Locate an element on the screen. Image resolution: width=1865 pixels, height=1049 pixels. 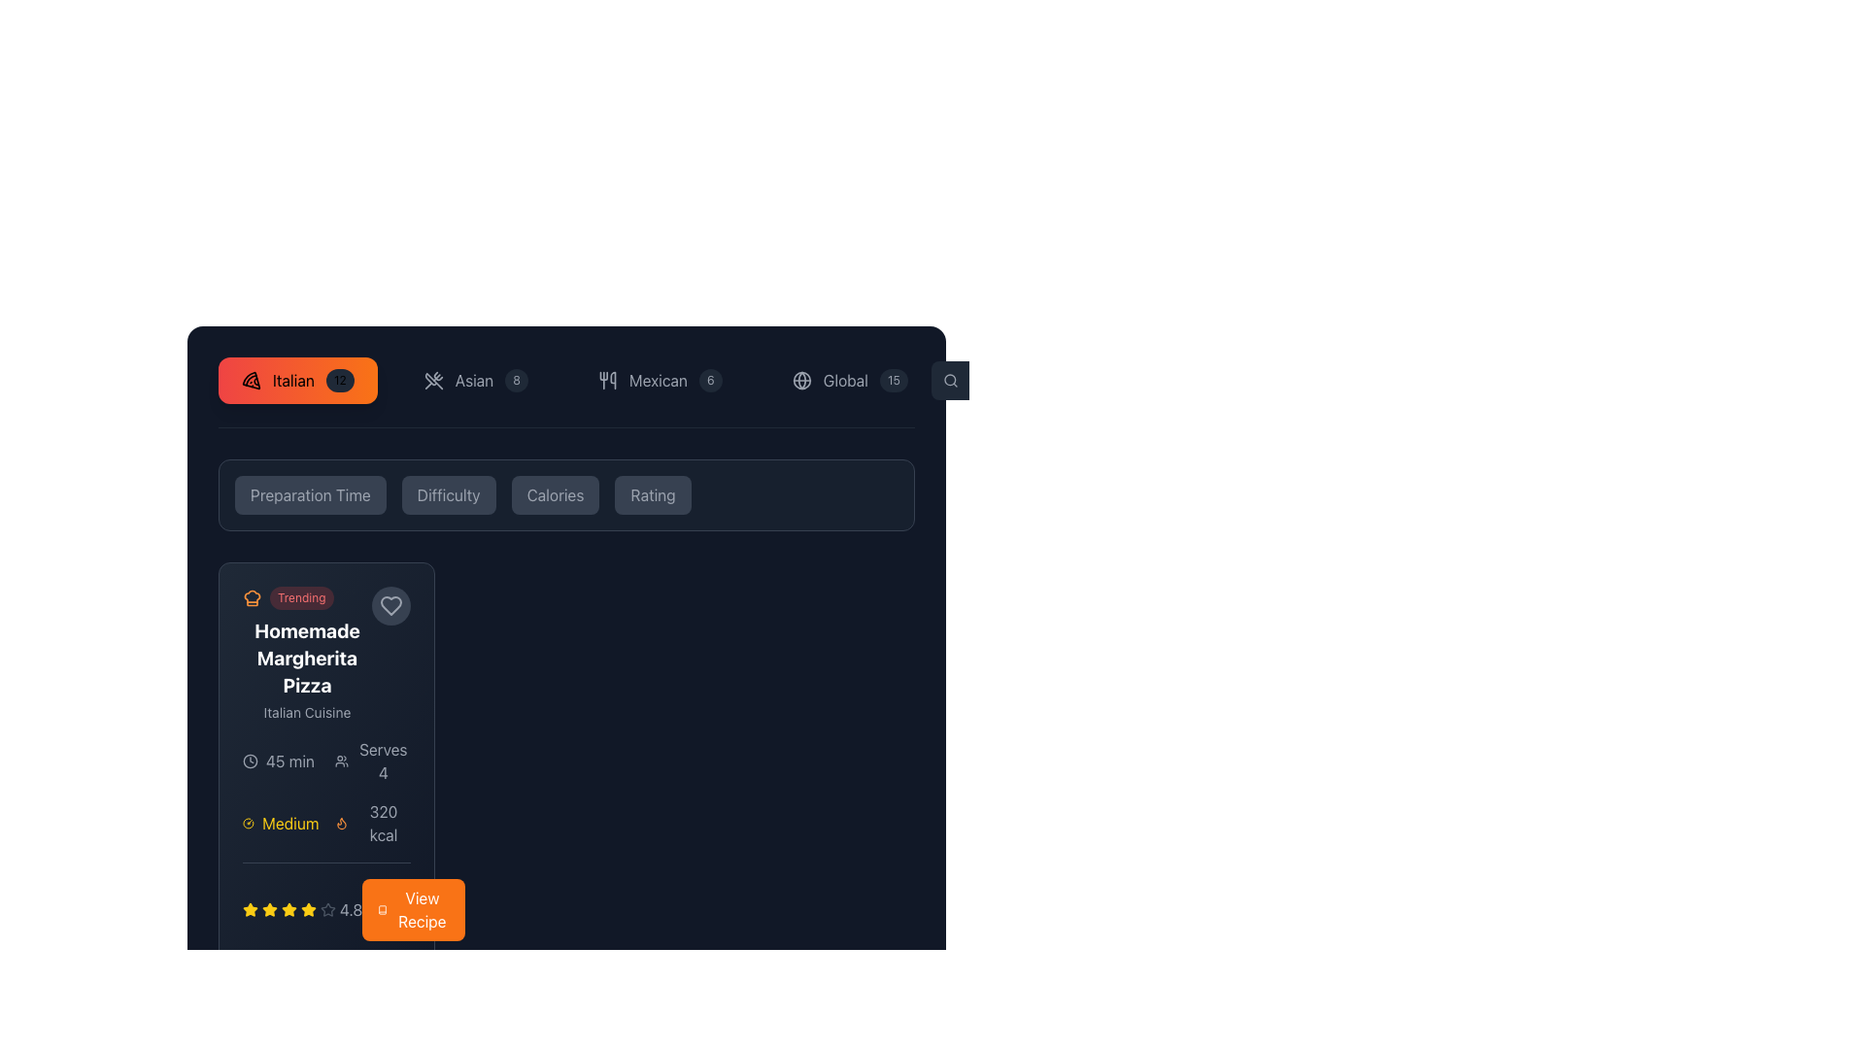
the text label that displays 'Serves 4', which is positioned within a recipe card and is located to the bottom-right of the recipe title and description is located at coordinates (383, 760).